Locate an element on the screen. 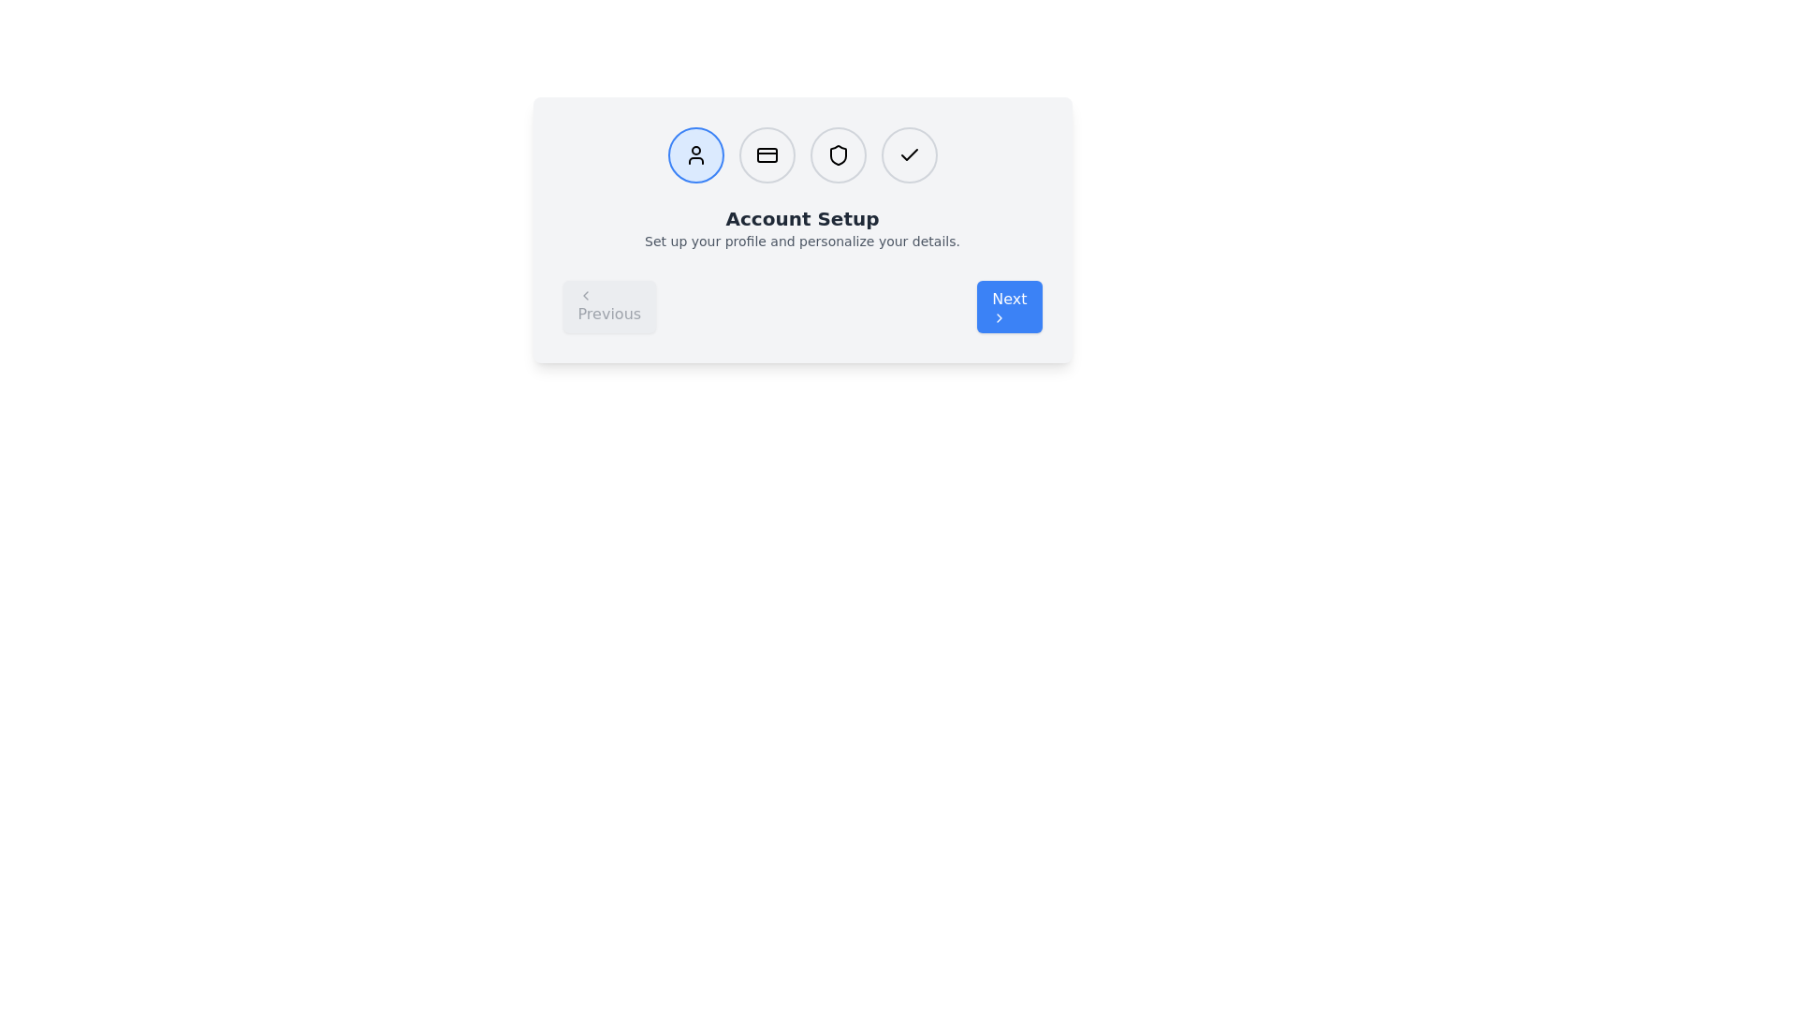 Image resolution: width=1797 pixels, height=1011 pixels. the shield-shaped icon within the circular button located at the top of the card component is located at coordinates (837, 154).